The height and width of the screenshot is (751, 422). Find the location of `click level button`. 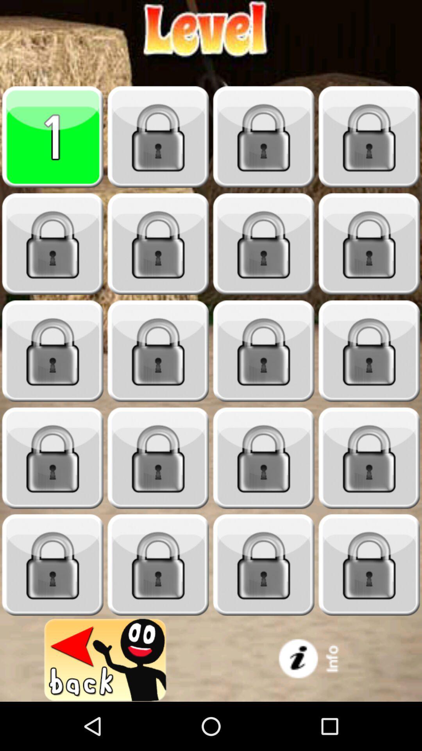

click level button is located at coordinates (369, 244).